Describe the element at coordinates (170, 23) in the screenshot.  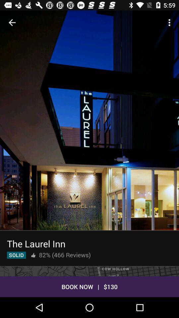
I see `item at the top right corner` at that location.